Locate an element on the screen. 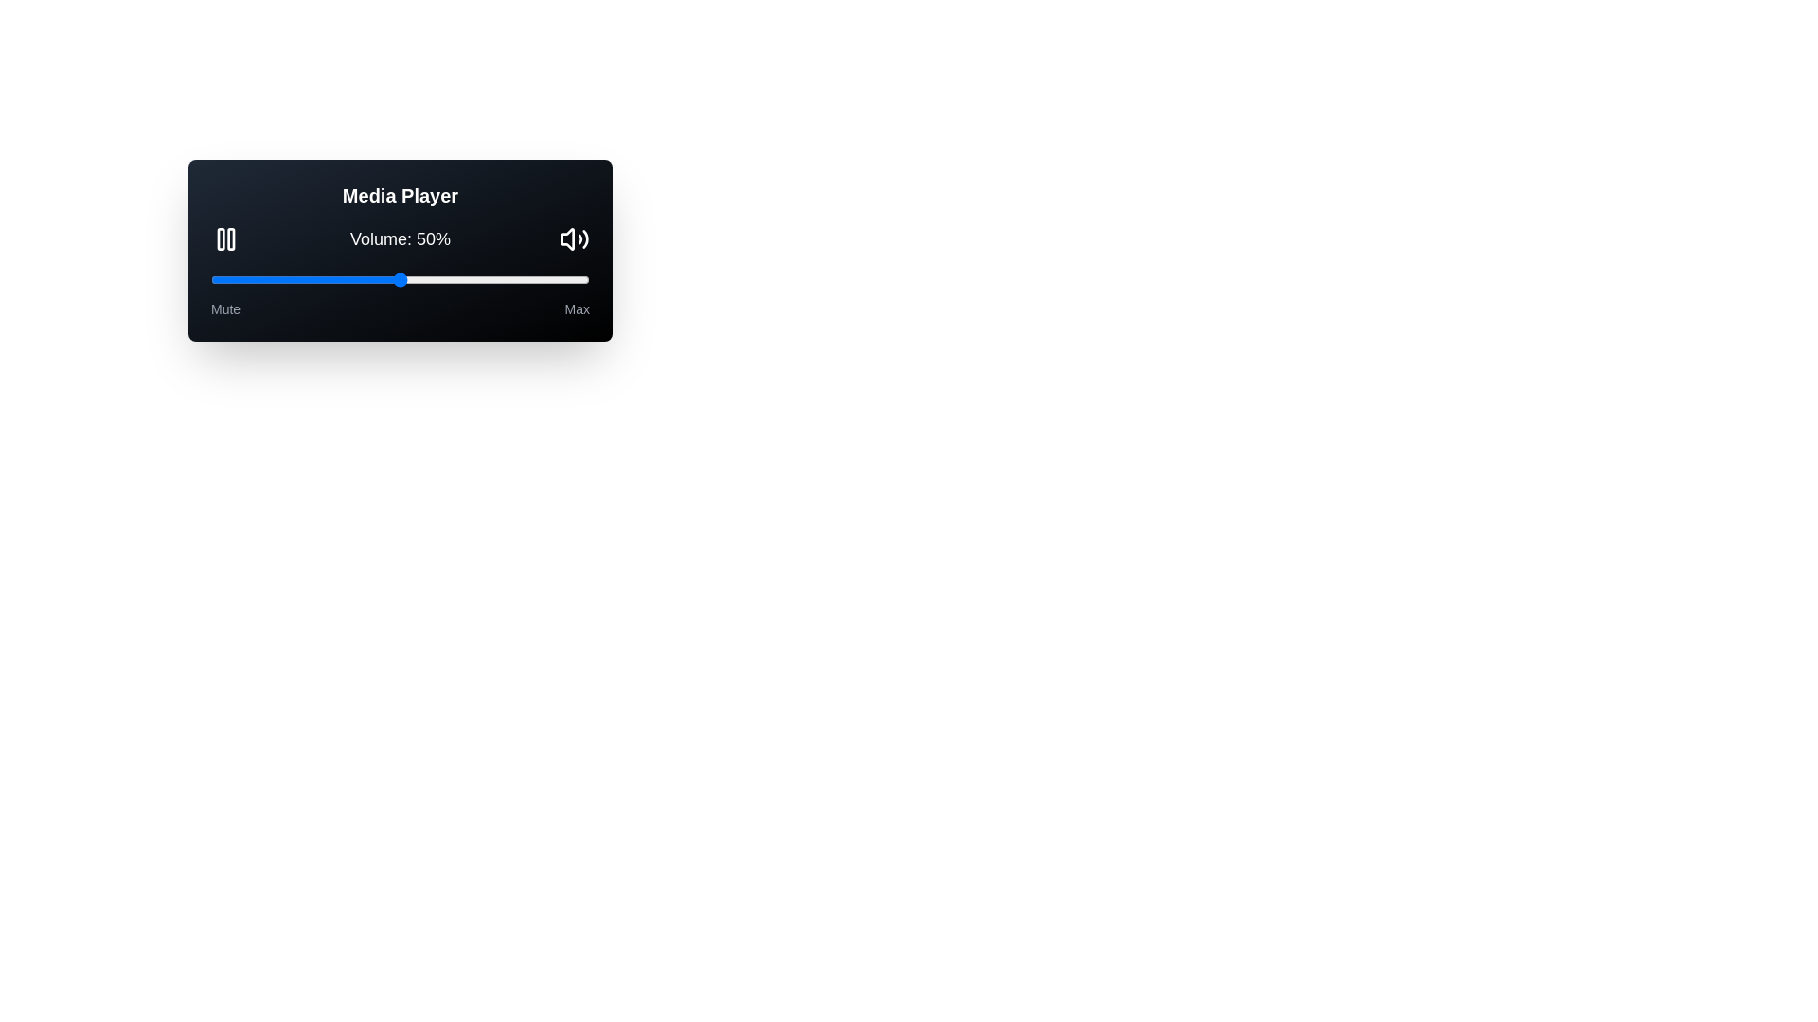  the volume by setting the slider to 45% is located at coordinates (381, 280).